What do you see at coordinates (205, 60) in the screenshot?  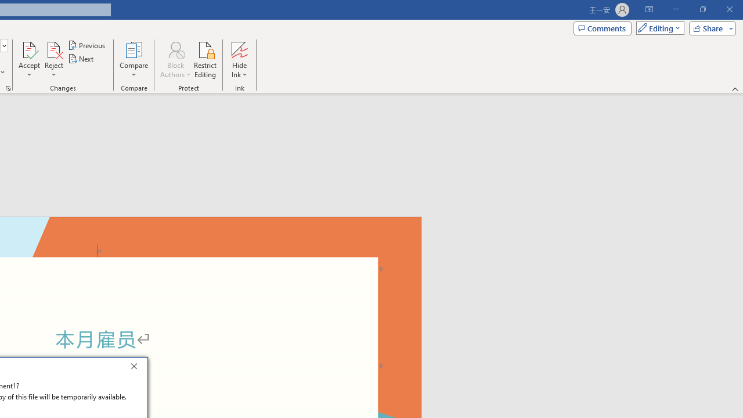 I see `'Restrict Editing'` at bounding box center [205, 60].